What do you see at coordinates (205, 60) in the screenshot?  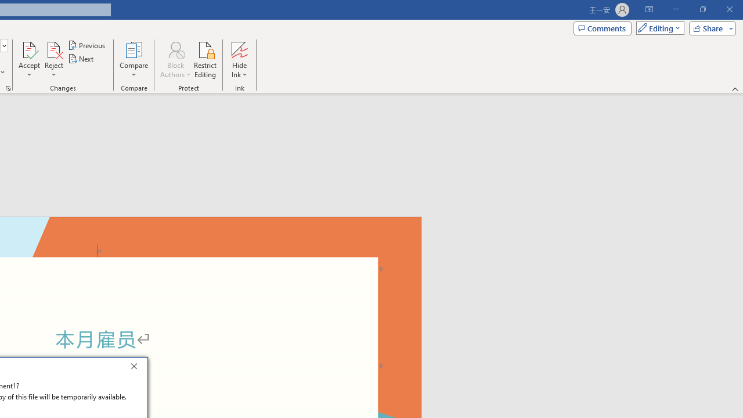 I see `'Restrict Editing'` at bounding box center [205, 60].